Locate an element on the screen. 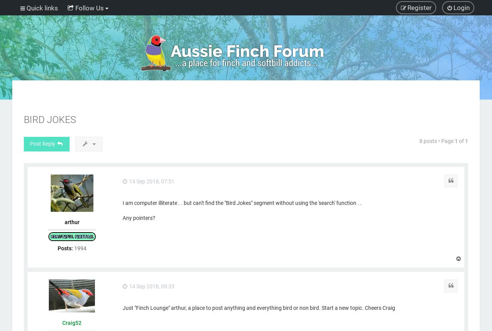  'Quick links' is located at coordinates (42, 8).